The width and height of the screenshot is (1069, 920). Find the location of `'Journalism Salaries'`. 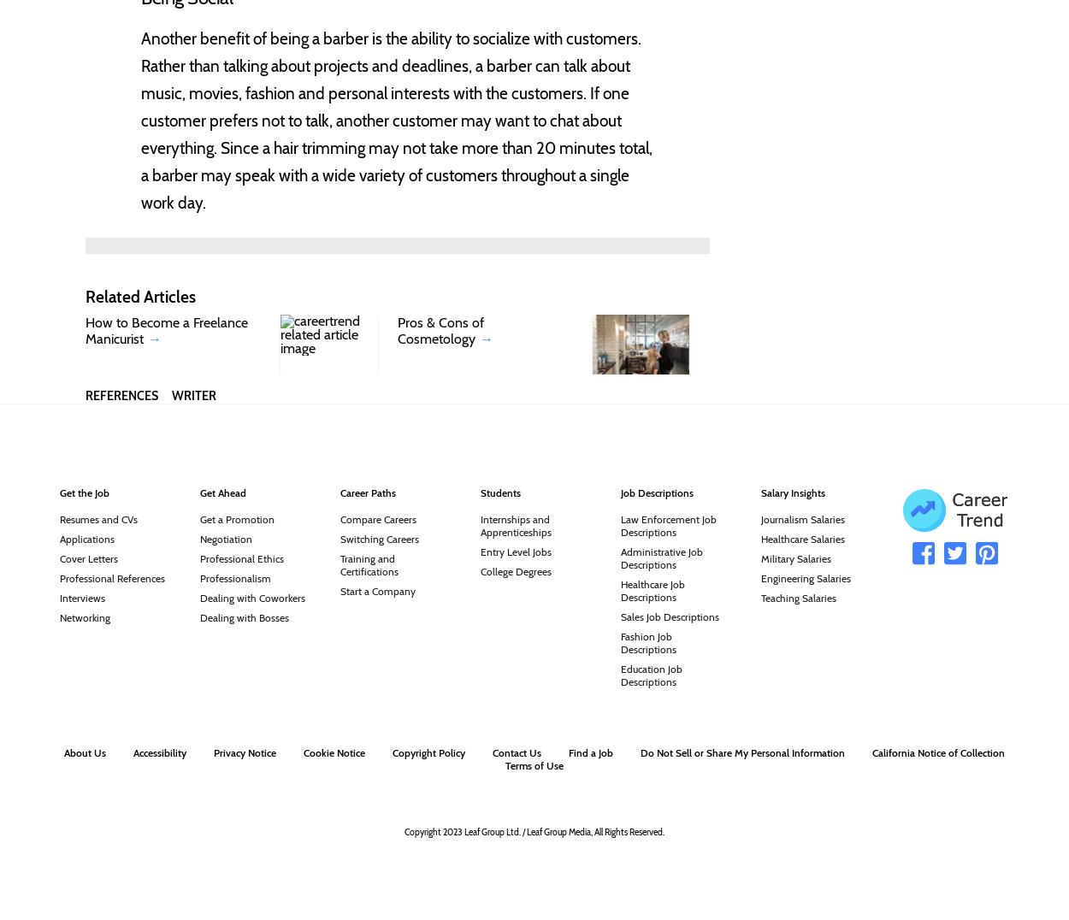

'Journalism Salaries' is located at coordinates (802, 519).